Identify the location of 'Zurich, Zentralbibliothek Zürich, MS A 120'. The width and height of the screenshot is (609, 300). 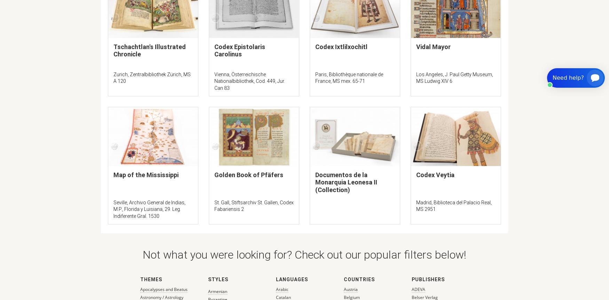
(151, 77).